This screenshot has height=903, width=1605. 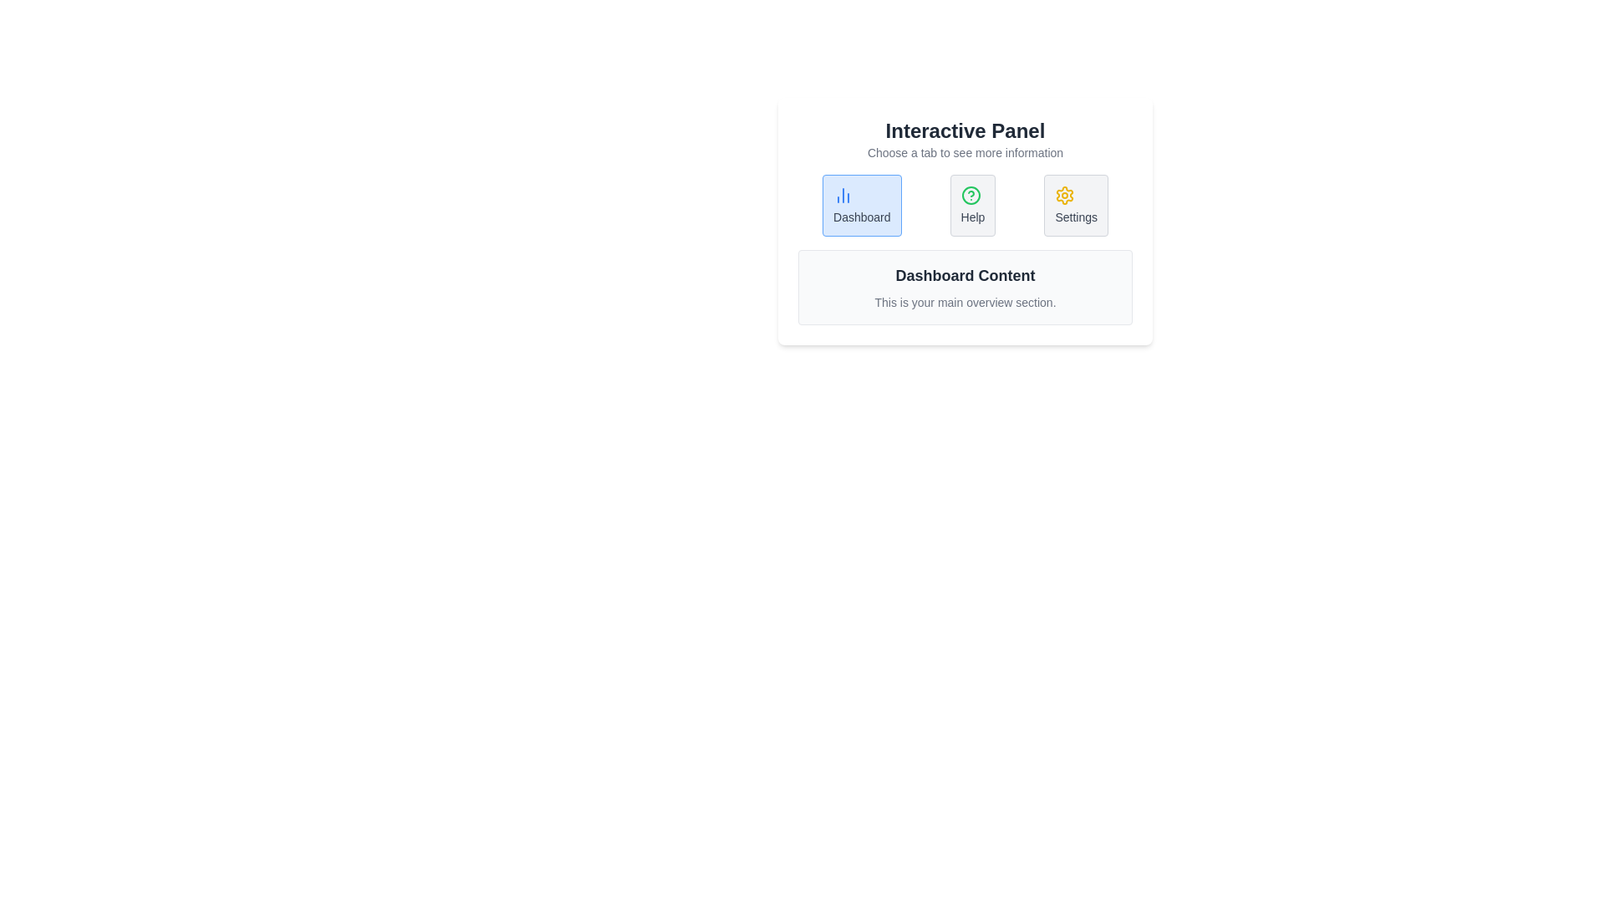 What do you see at coordinates (966, 130) in the screenshot?
I see `the title element that serves as the header for the panel, which is centrally aligned and positioned above the subtitle 'Choose a tab` at bounding box center [966, 130].